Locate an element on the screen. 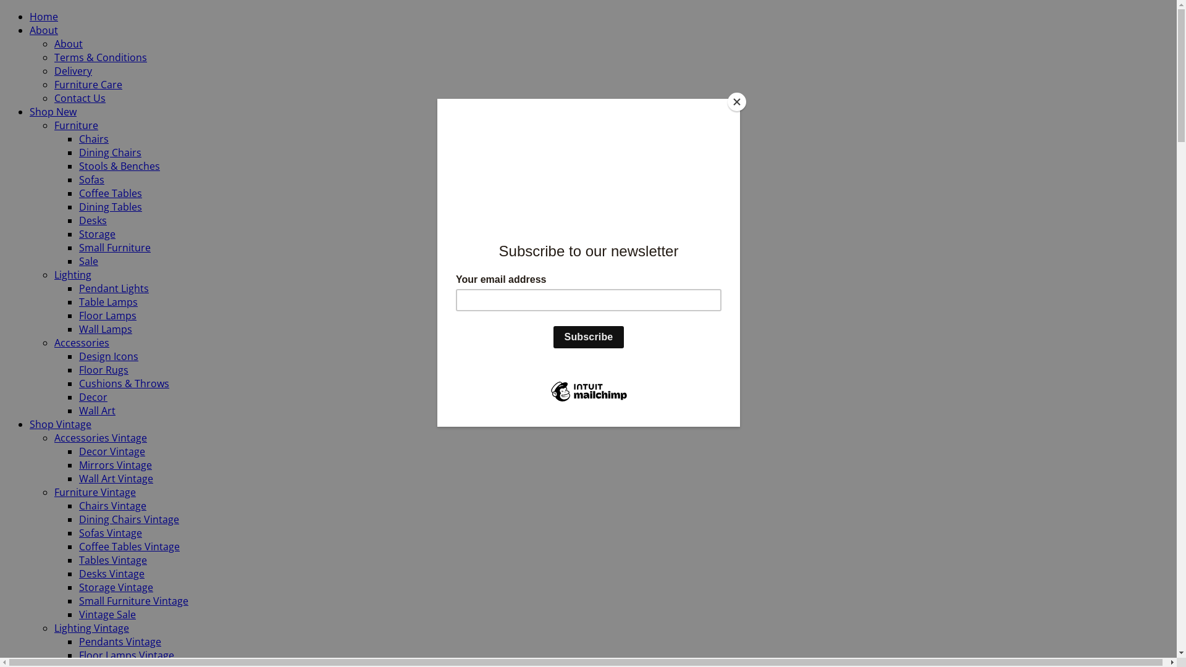  'Pendant Lights' is located at coordinates (114, 288).